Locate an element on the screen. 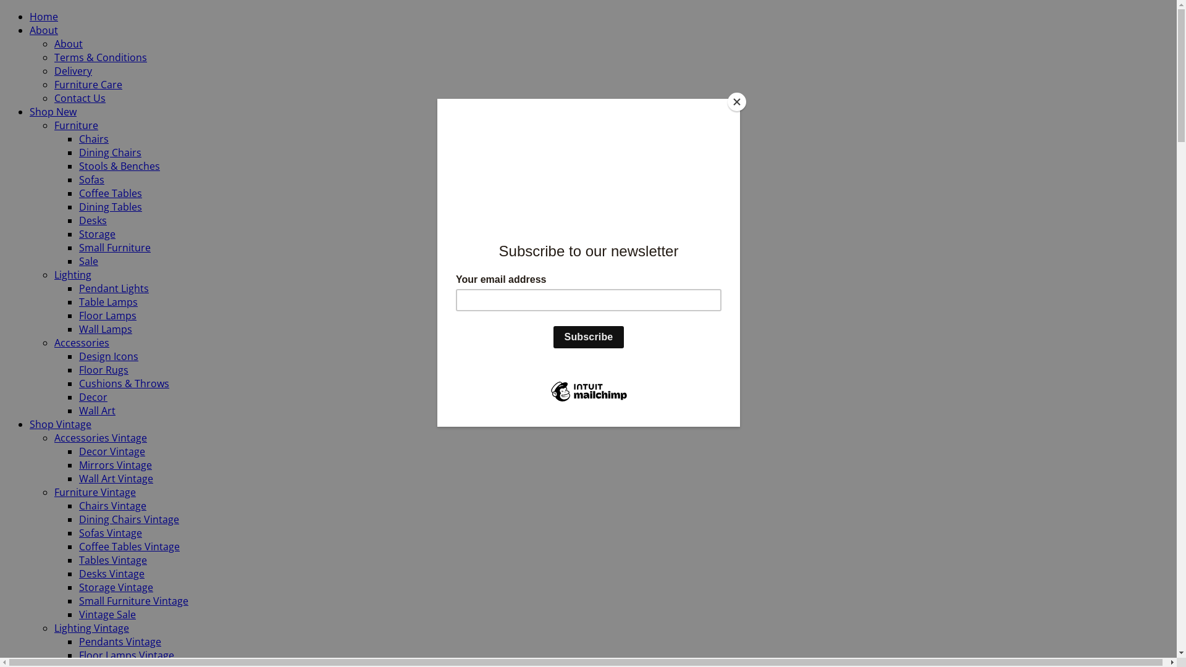  'Pendant Lights' is located at coordinates (114, 288).